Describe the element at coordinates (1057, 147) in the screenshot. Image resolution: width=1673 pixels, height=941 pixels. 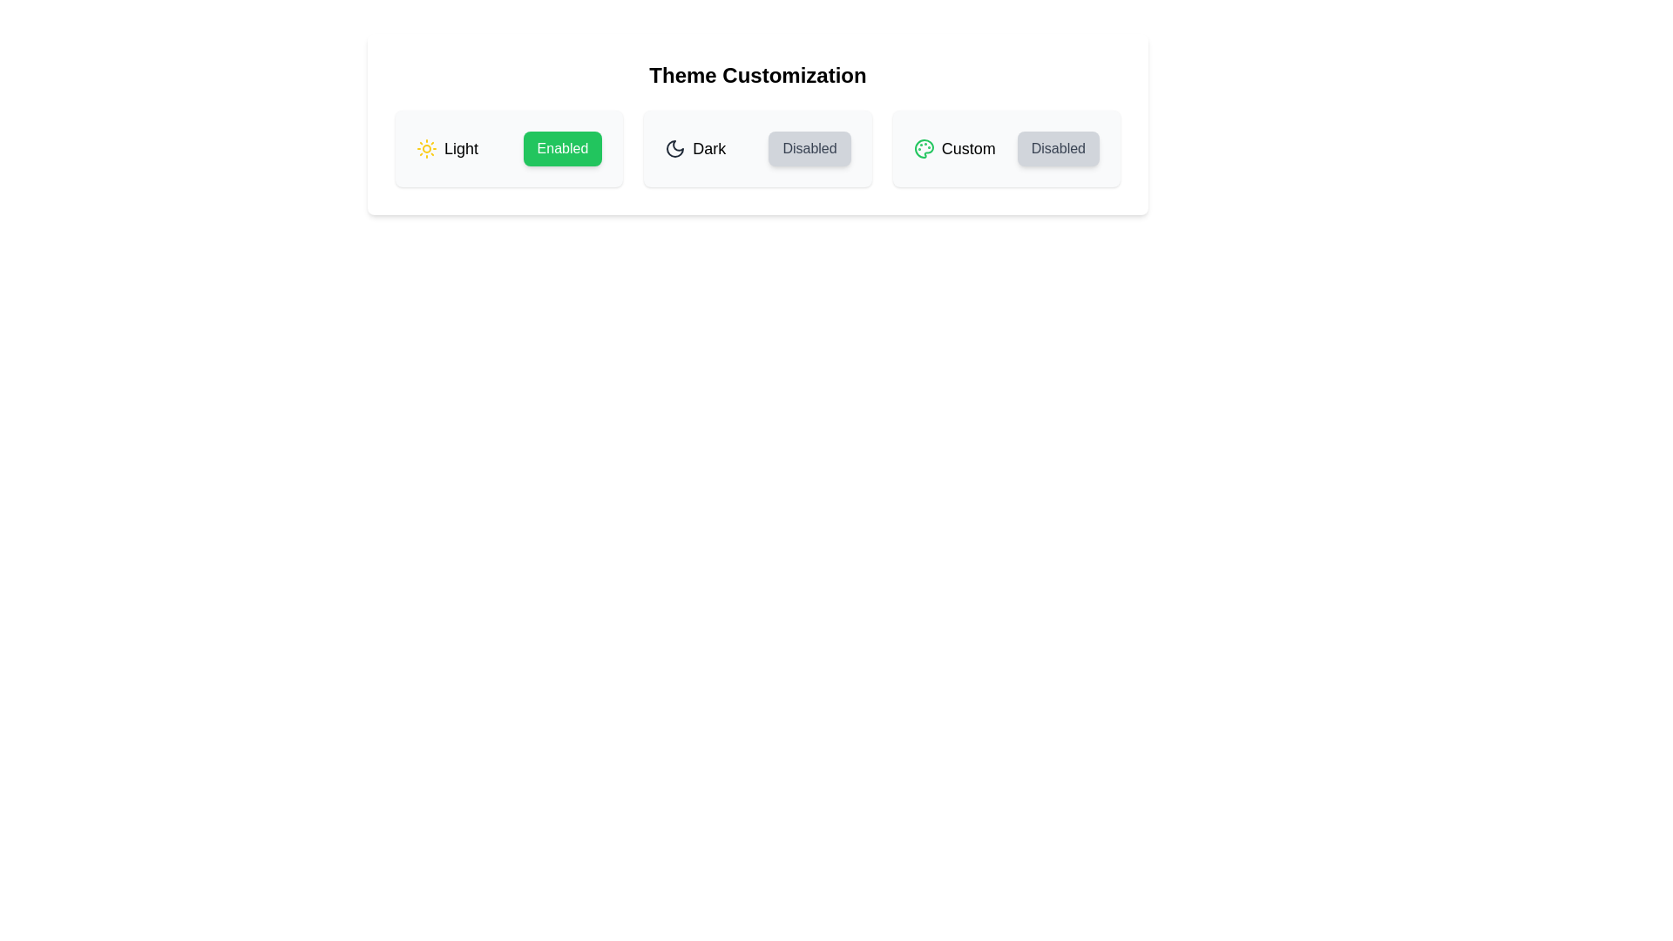
I see `the 'Custom' theme button to toggle its state` at that location.